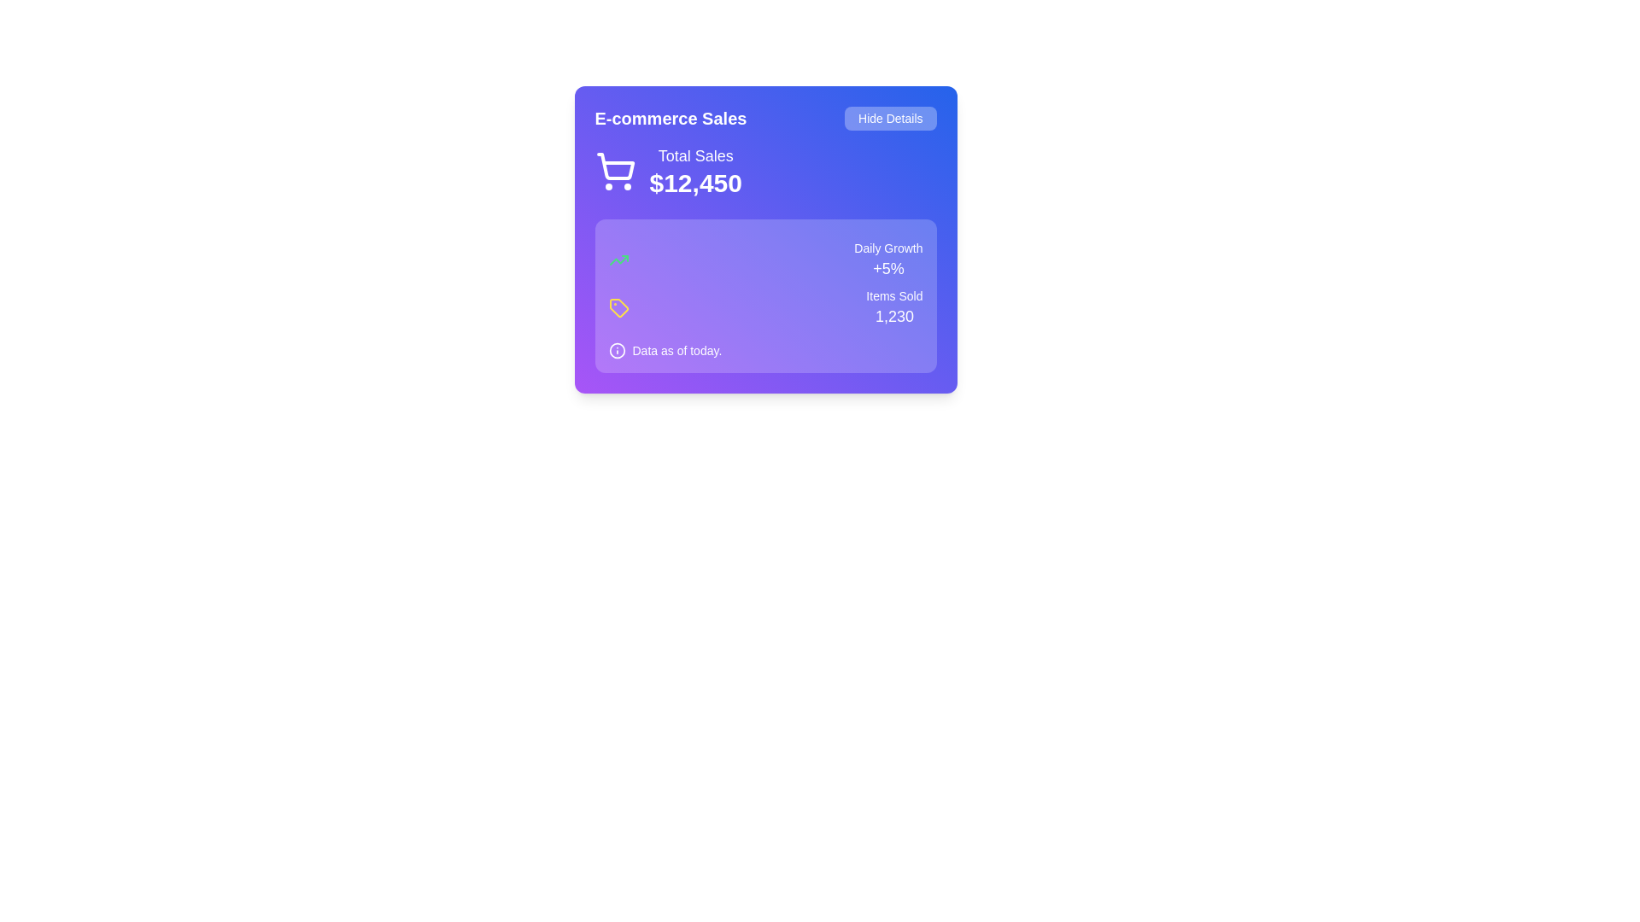 The image size is (1640, 922). I want to click on the button that toggles the visibility of additional content in the card, located at the top right corner aligned with the heading 'E-commerce Sales', so click(889, 117).